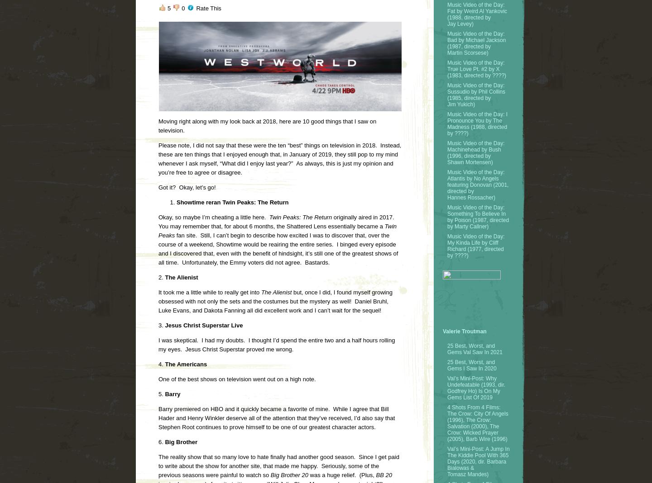 This screenshot has width=652, height=483. Describe the element at coordinates (168, 8) in the screenshot. I see `'5'` at that location.